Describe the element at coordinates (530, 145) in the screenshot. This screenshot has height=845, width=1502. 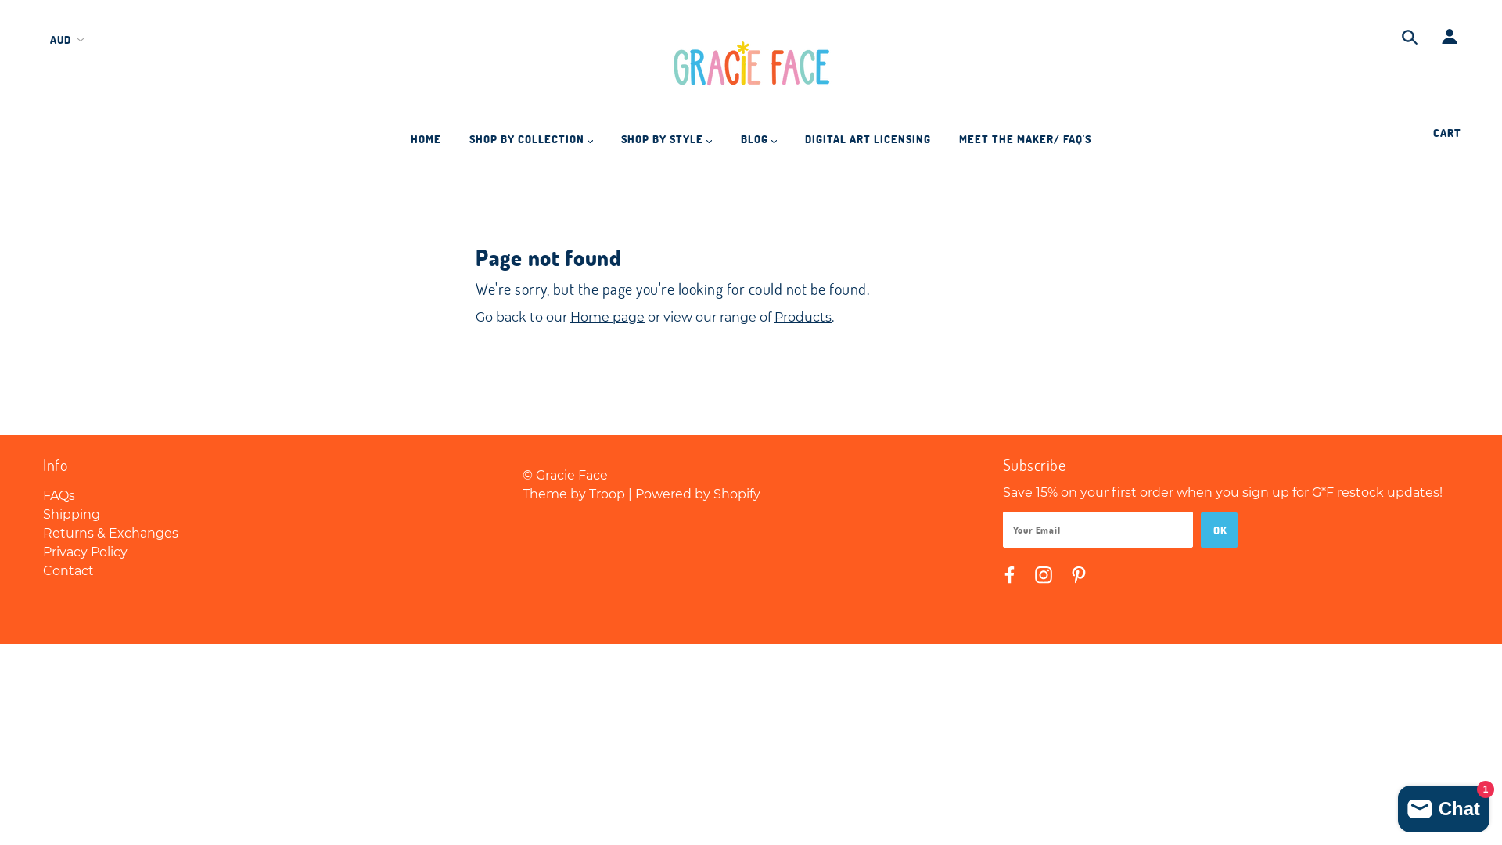
I see `'SHOP BY COLLECTION'` at that location.